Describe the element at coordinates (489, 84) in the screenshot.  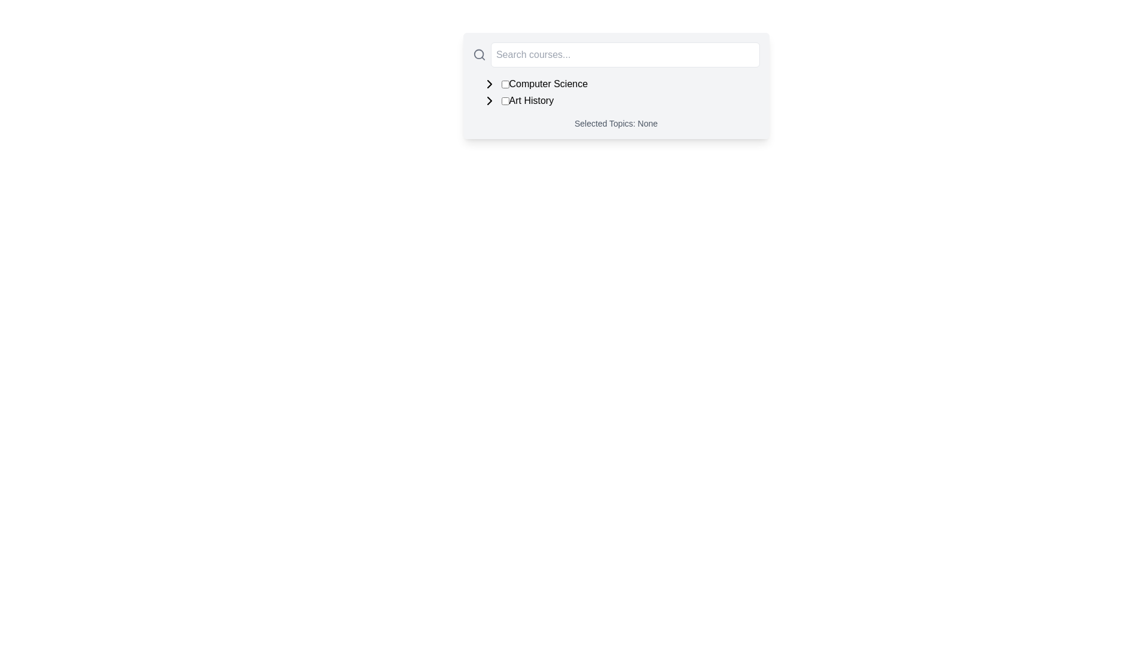
I see `the expandability button located to the left of the 'Computer Science' label` at that location.